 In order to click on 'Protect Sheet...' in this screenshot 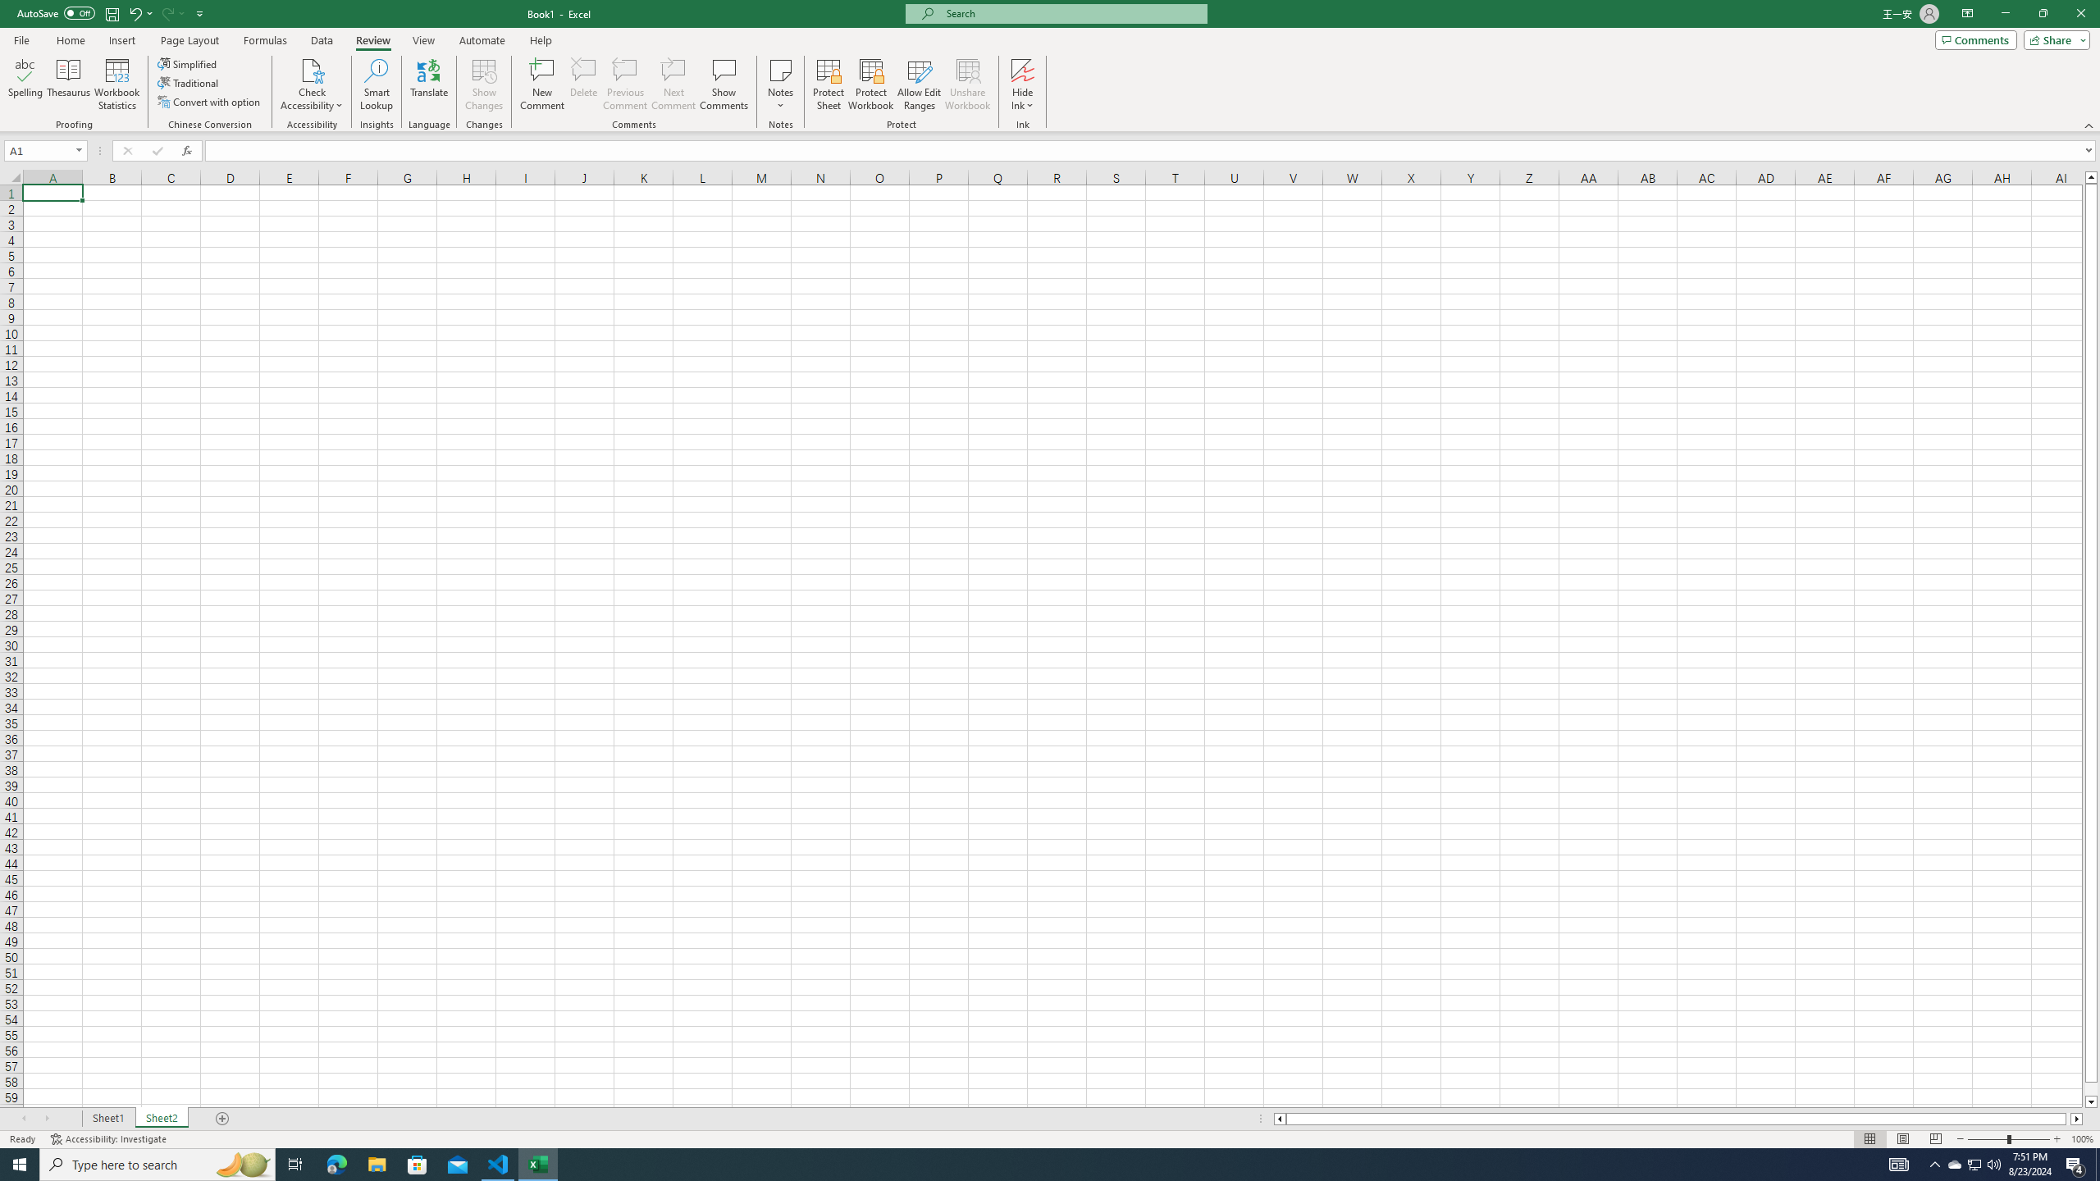, I will do `click(827, 84)`.